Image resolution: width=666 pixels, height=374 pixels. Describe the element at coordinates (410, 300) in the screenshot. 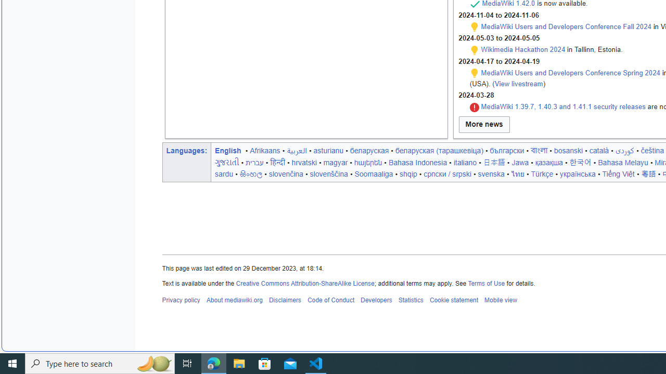

I see `'Statistics'` at that location.